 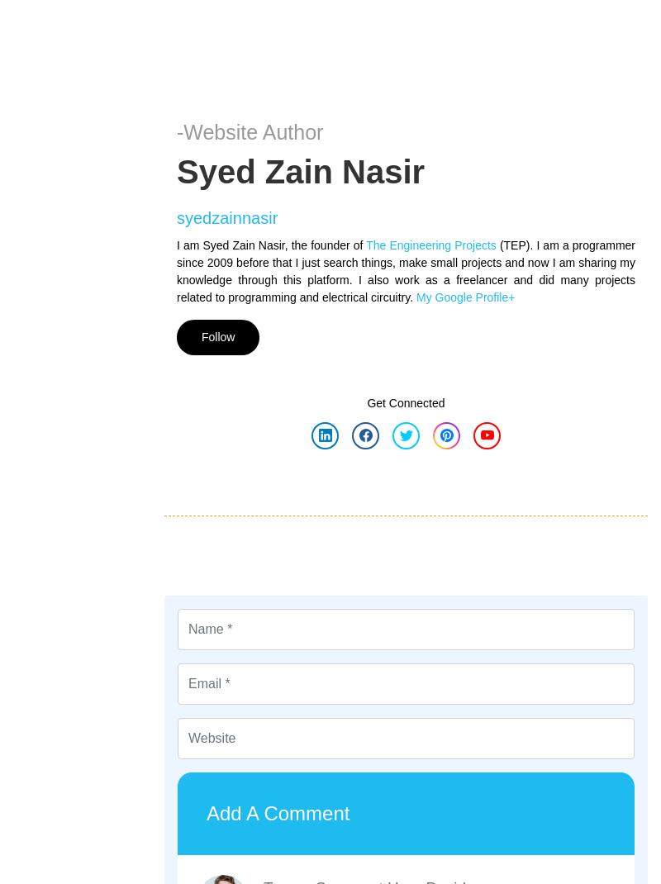 I want to click on 'Get Connected', so click(x=366, y=402).